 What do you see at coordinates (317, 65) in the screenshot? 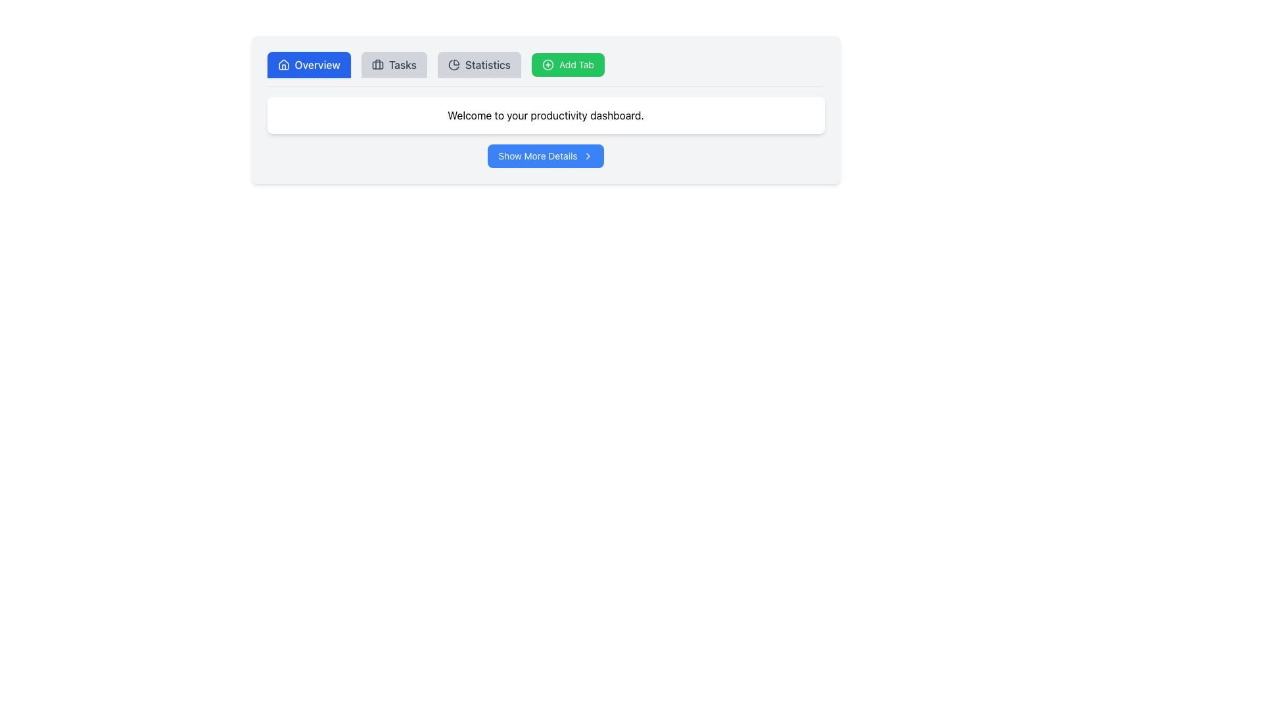
I see `the 'Overview' text label in the active navigation tab` at bounding box center [317, 65].